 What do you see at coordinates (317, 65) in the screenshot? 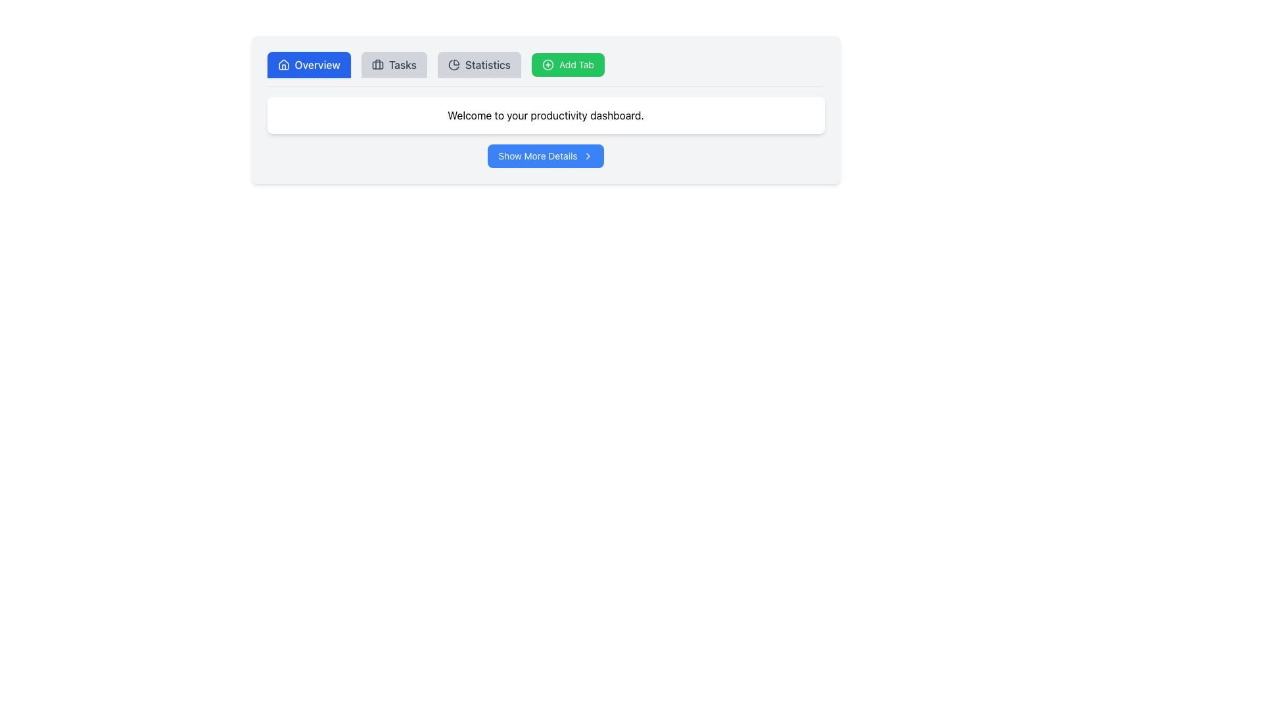
I see `the 'Overview' text label in the active navigation tab` at bounding box center [317, 65].